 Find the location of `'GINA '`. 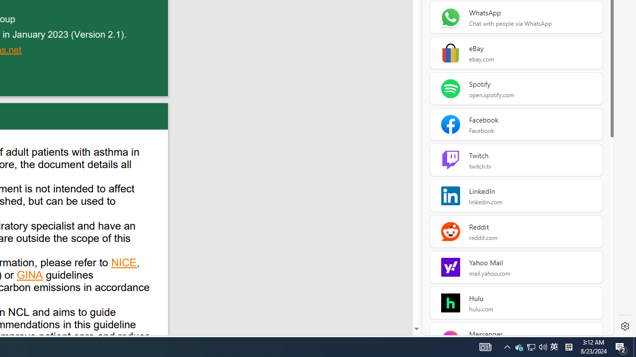

'GINA ' is located at coordinates (30, 276).